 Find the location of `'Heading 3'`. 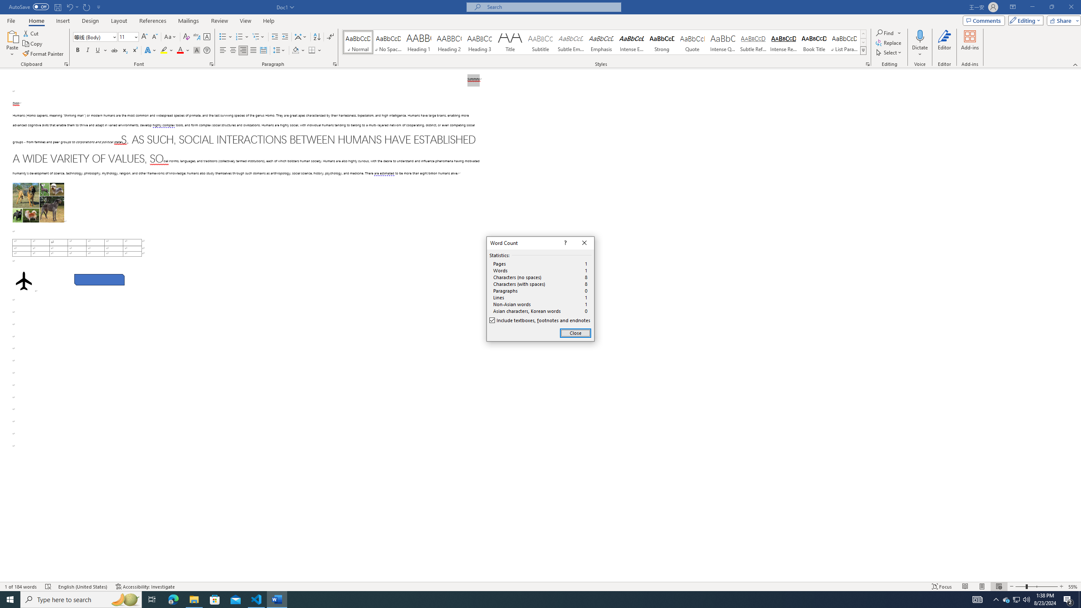

'Heading 3' is located at coordinates (480, 42).